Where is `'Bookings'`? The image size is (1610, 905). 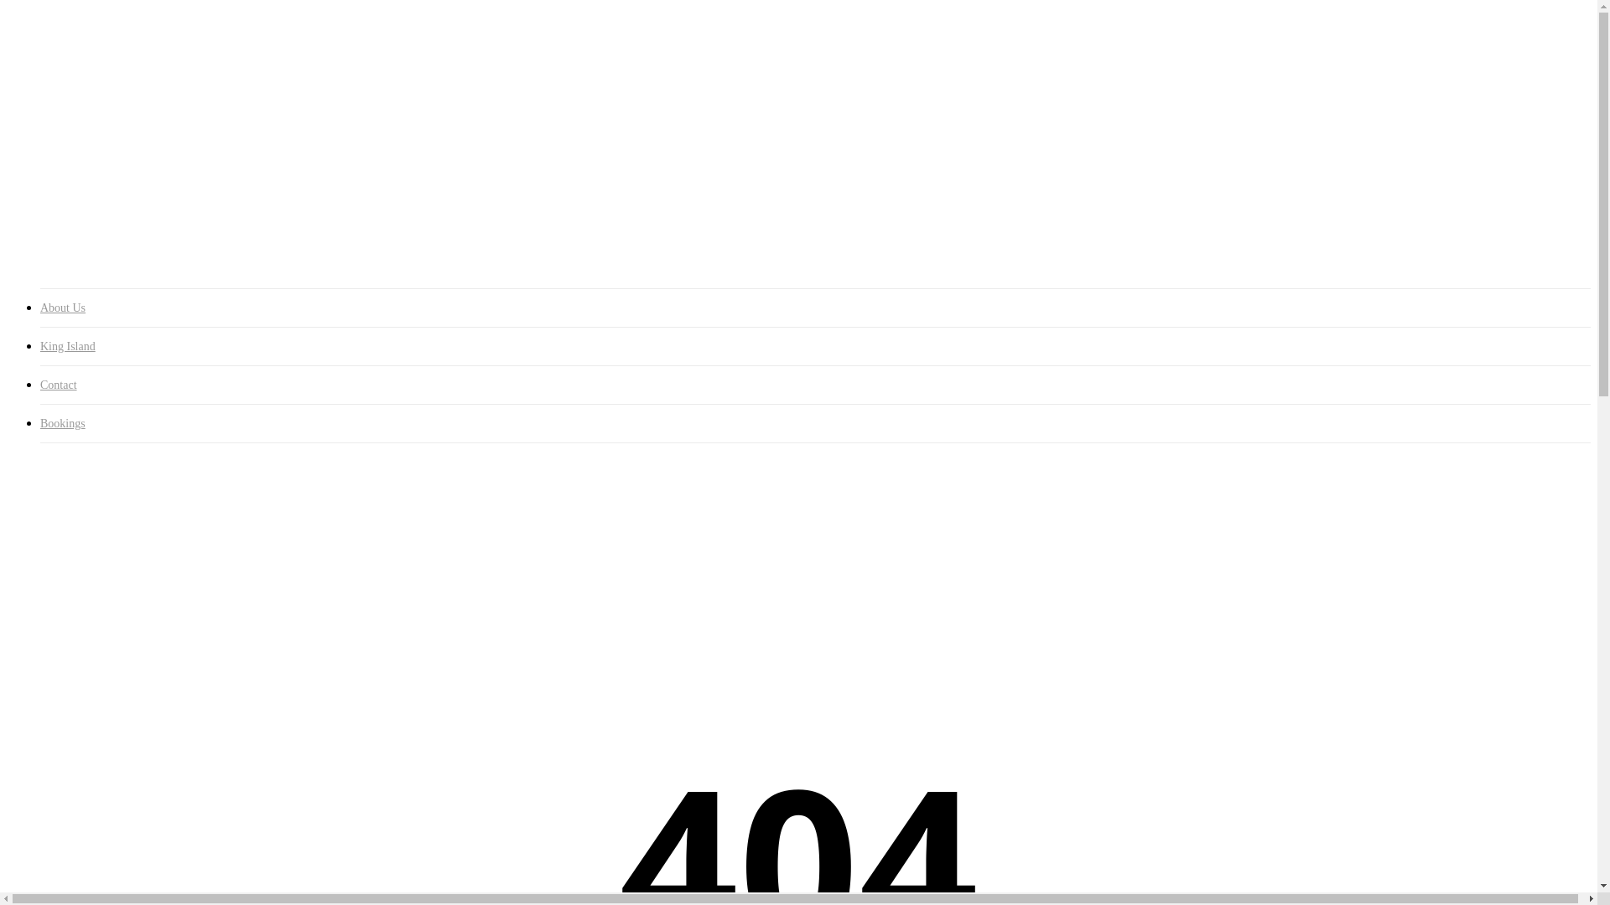 'Bookings' is located at coordinates (815, 422).